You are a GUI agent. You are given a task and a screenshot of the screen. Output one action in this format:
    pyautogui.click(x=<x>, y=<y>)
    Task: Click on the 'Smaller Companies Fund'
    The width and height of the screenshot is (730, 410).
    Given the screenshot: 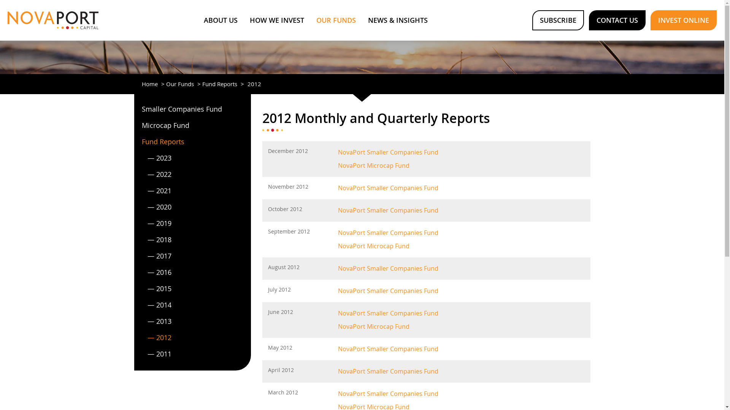 What is the action you would take?
    pyautogui.click(x=192, y=106)
    